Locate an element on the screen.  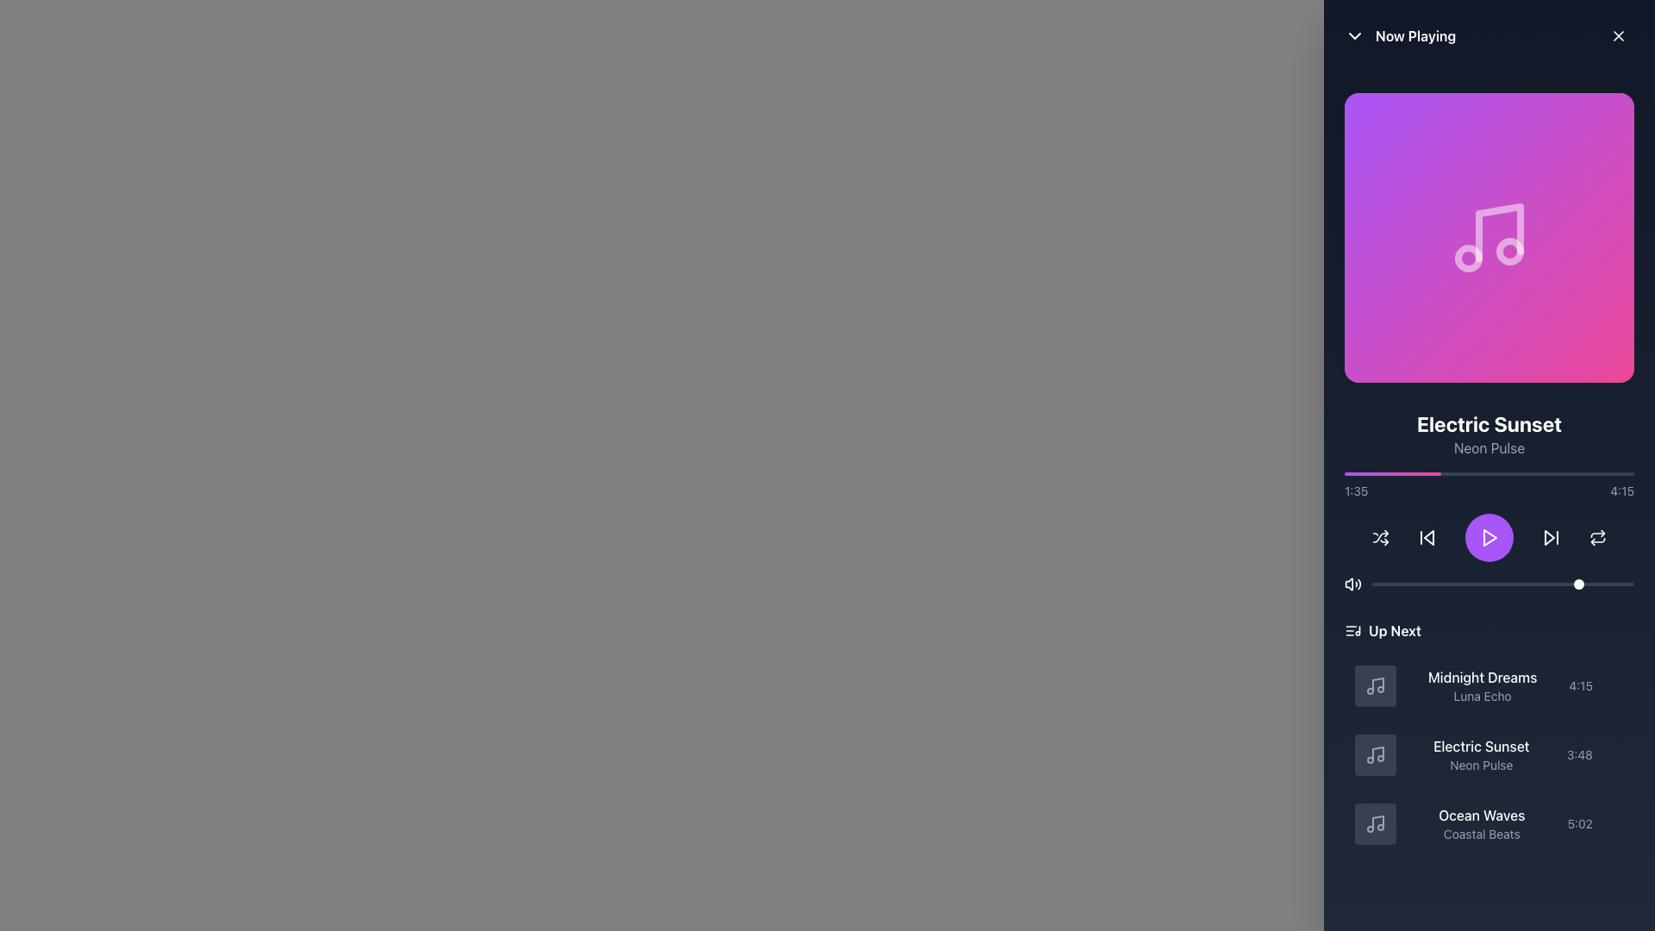
the 'Up Next' icon, which is located at the leftmost side of the section, directly above the music tracks queued for playback is located at coordinates (1352, 631).